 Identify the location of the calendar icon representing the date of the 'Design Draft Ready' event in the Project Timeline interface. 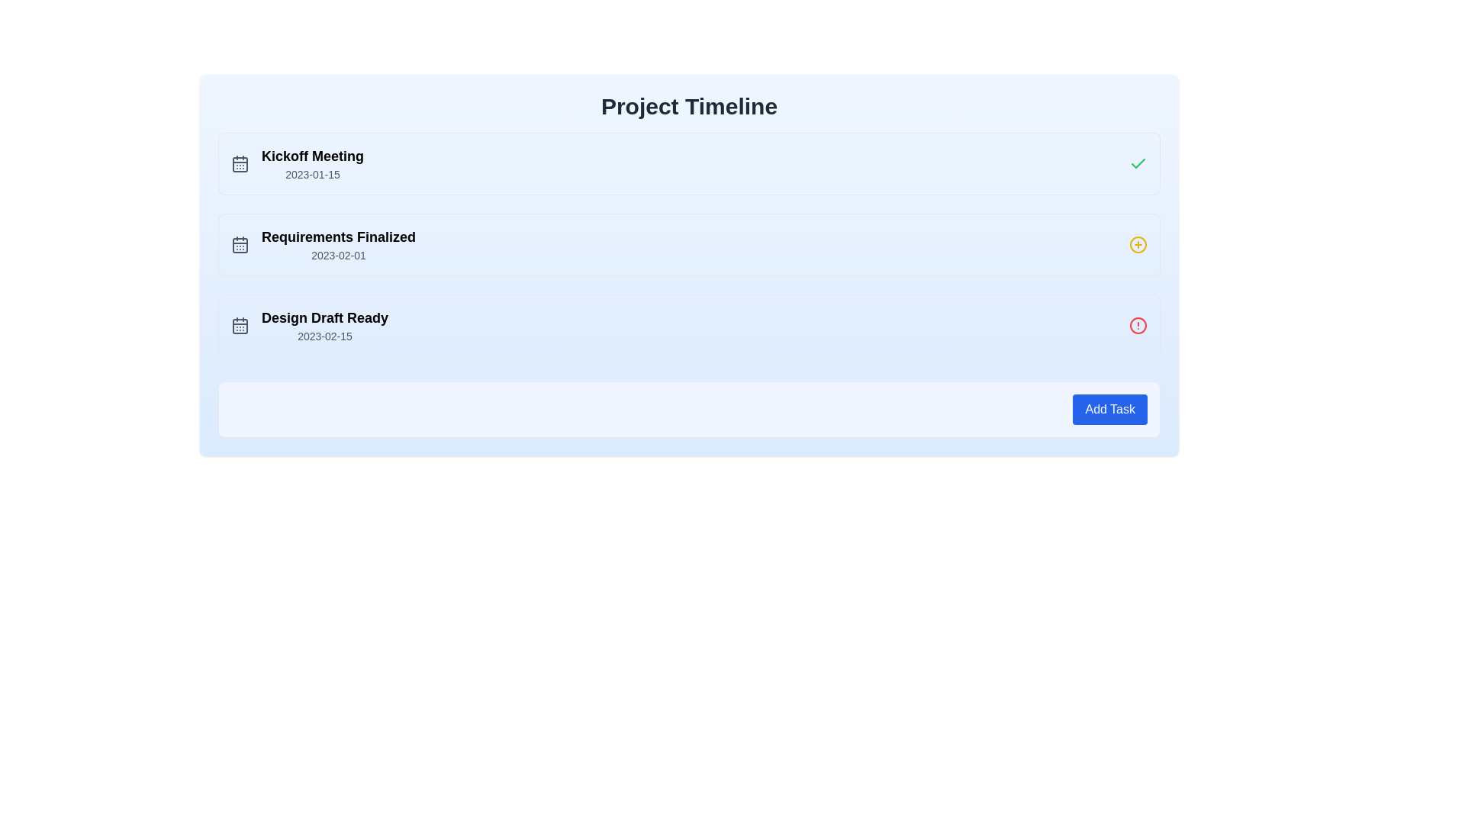
(240, 326).